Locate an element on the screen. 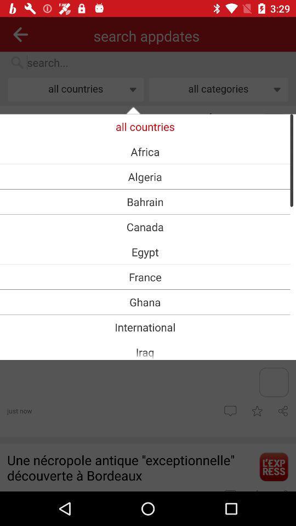  the item below the bahrain is located at coordinates (145, 226).